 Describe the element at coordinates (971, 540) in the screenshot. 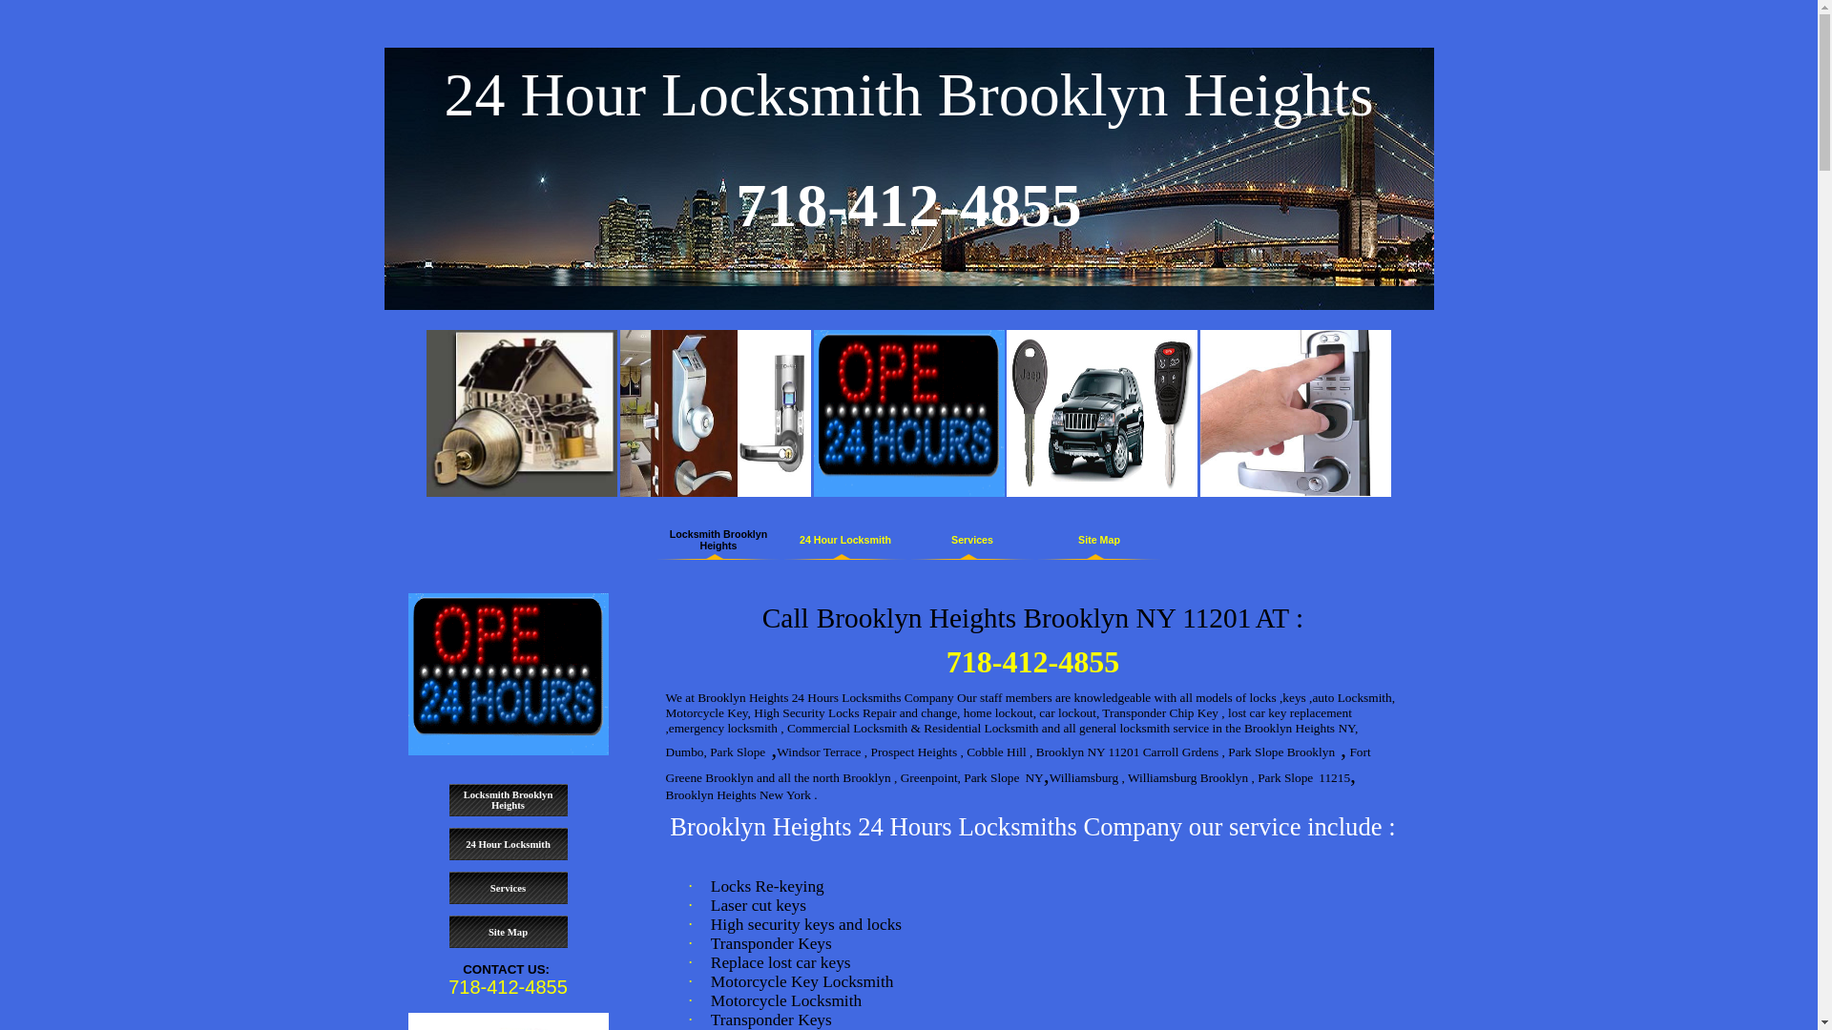

I see `'Services'` at that location.